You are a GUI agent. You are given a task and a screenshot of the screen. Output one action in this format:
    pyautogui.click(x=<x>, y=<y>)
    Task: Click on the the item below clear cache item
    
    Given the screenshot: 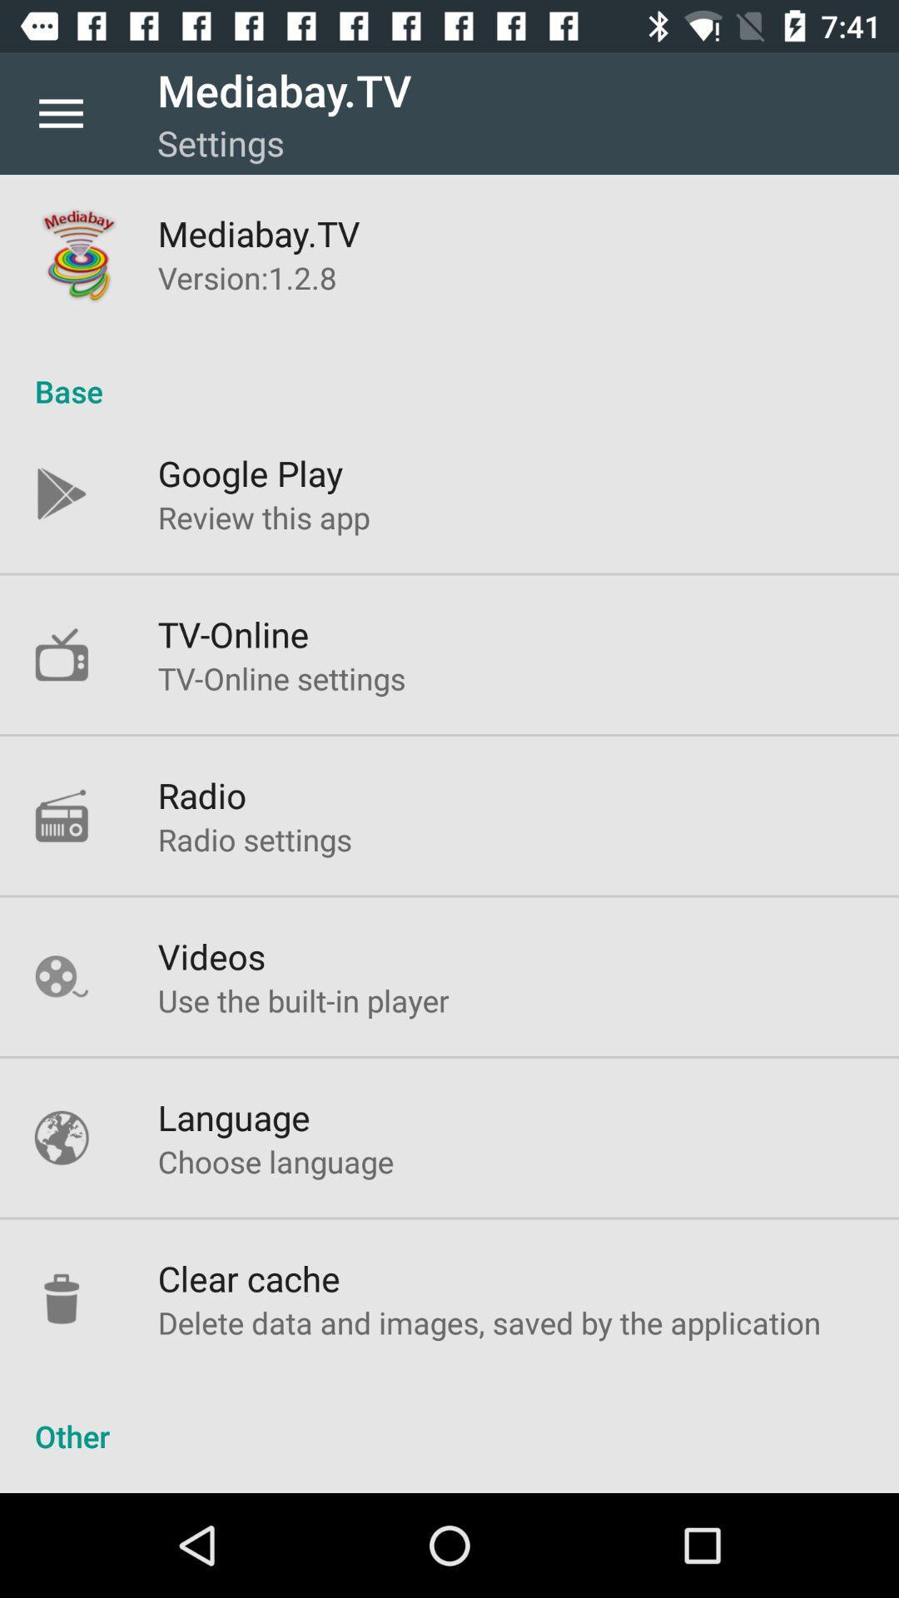 What is the action you would take?
    pyautogui.click(x=488, y=1322)
    